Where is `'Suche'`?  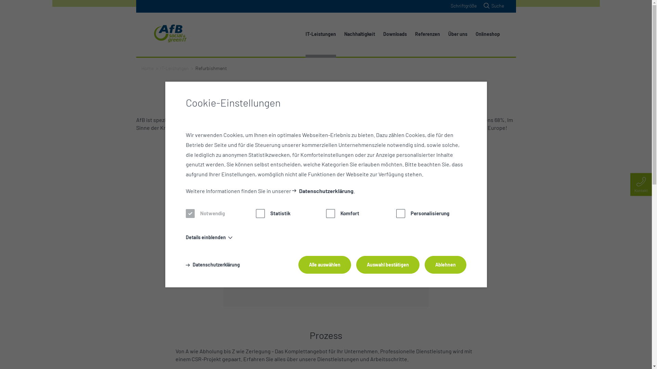 'Suche' is located at coordinates (493, 5).